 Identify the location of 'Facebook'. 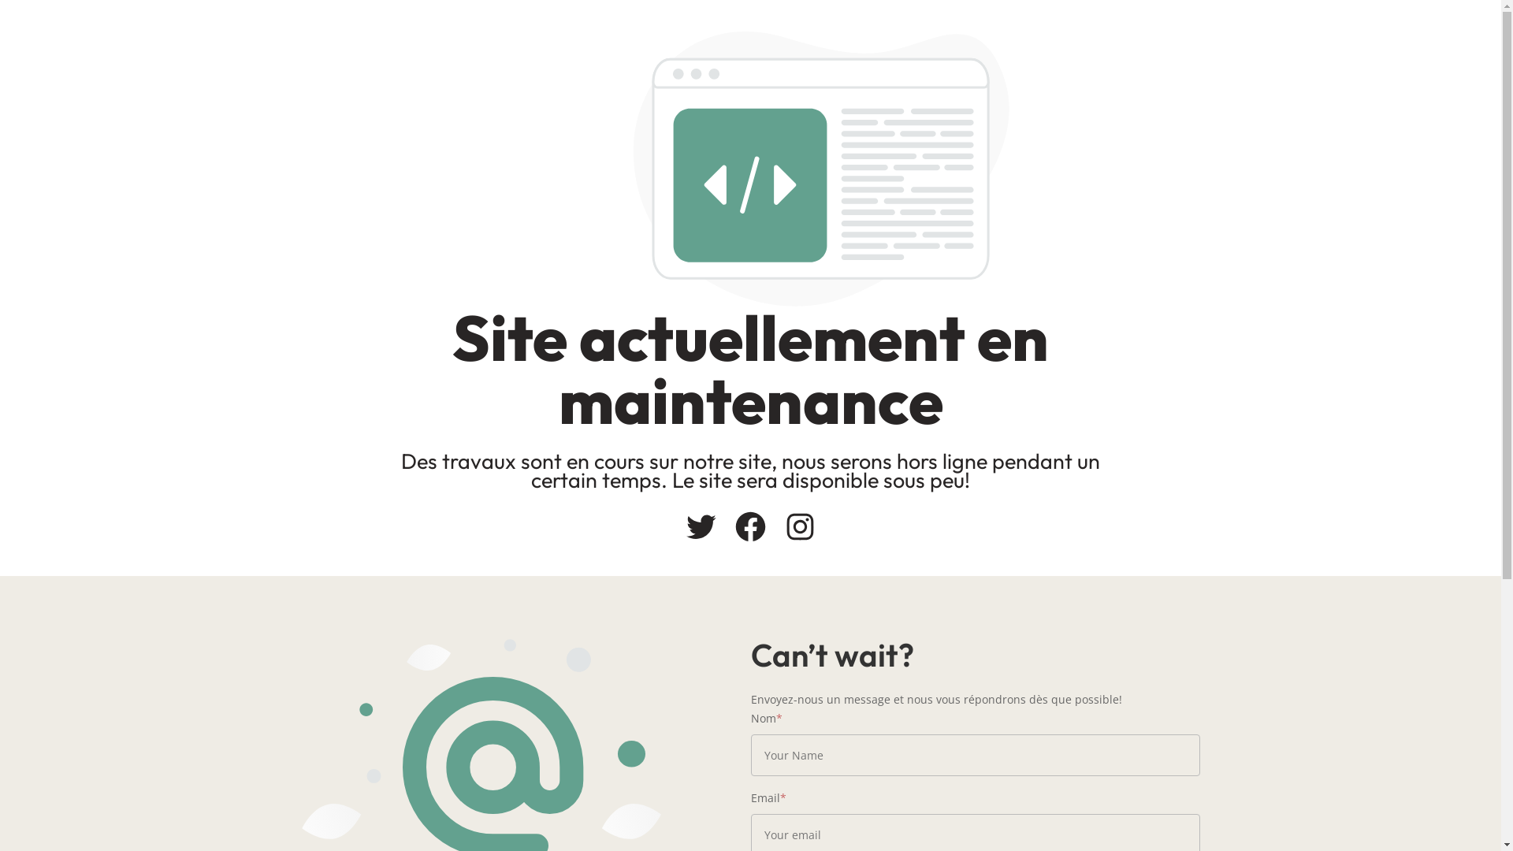
(749, 526).